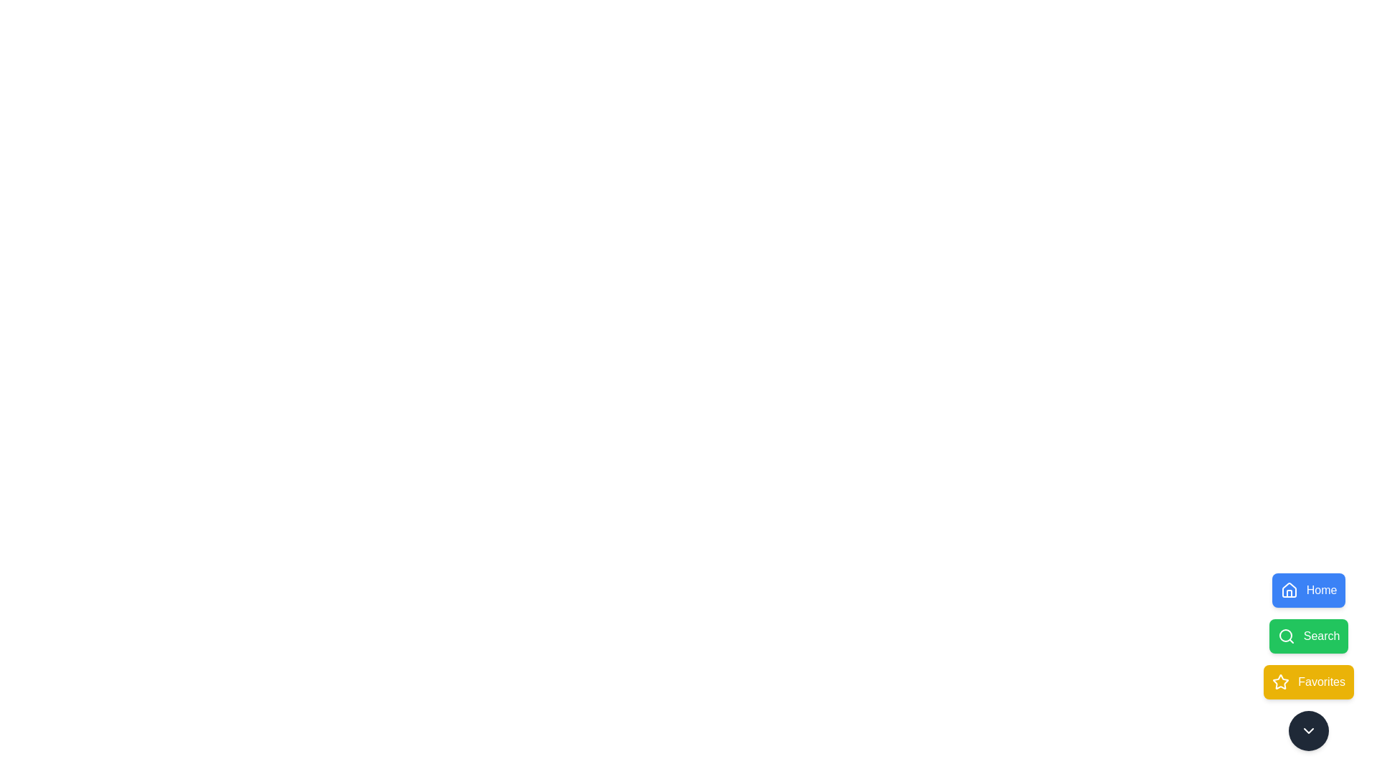 Image resolution: width=1377 pixels, height=774 pixels. What do you see at coordinates (1308, 682) in the screenshot?
I see `the Favorites button to select the corresponding shortcut` at bounding box center [1308, 682].